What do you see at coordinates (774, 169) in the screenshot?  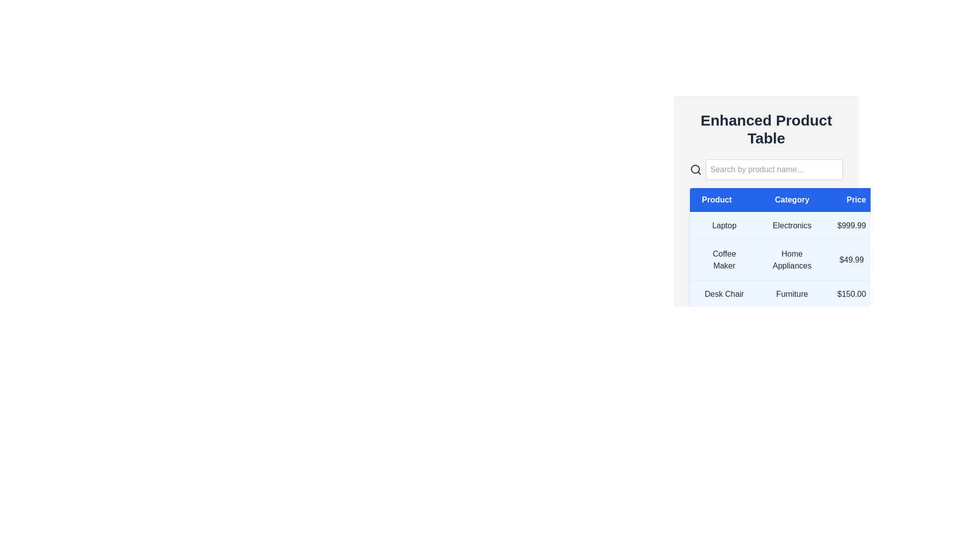 I see `the search input field located in the upper-right region beneath the 'Enhanced Product Table' header to focus on it` at bounding box center [774, 169].